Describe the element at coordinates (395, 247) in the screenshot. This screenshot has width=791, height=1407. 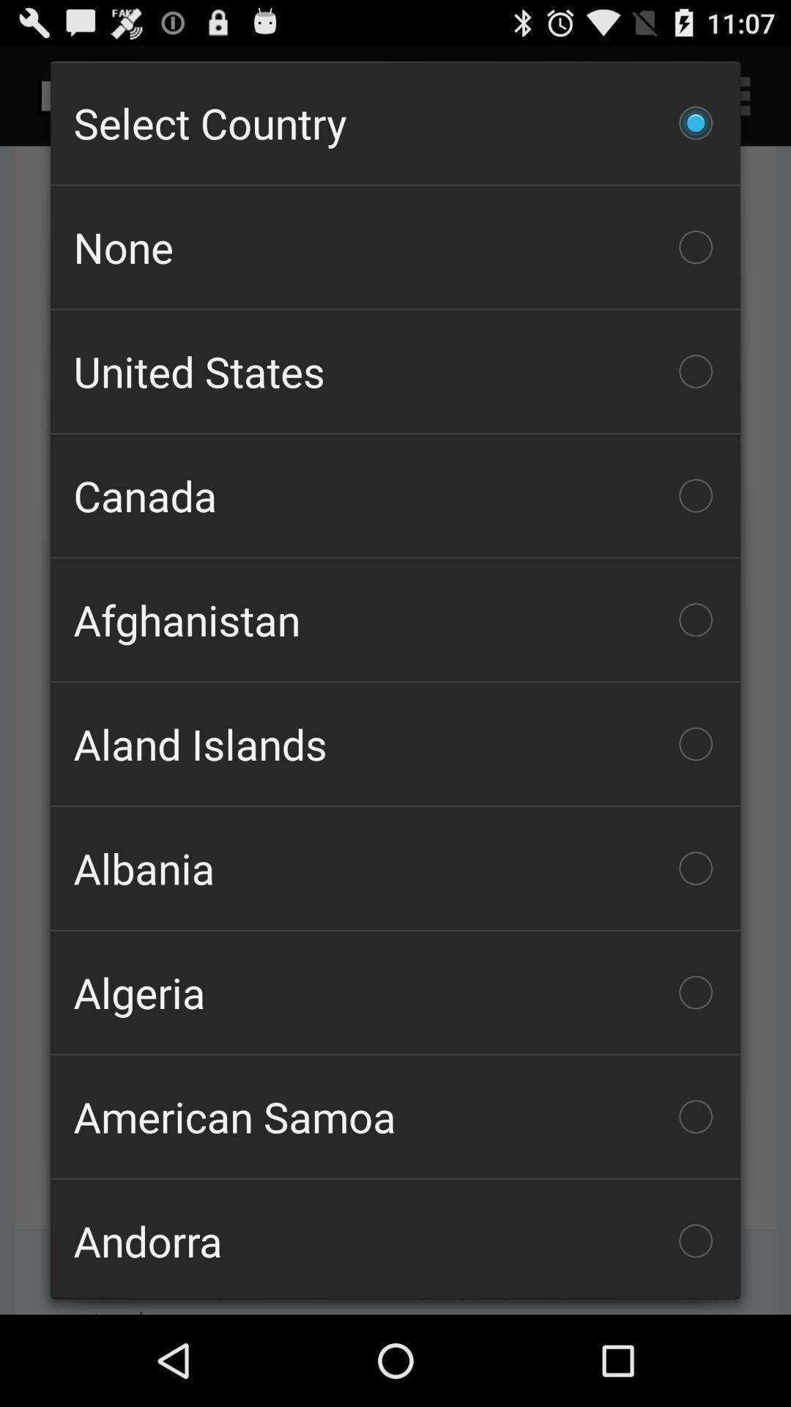
I see `item above united states checkbox` at that location.